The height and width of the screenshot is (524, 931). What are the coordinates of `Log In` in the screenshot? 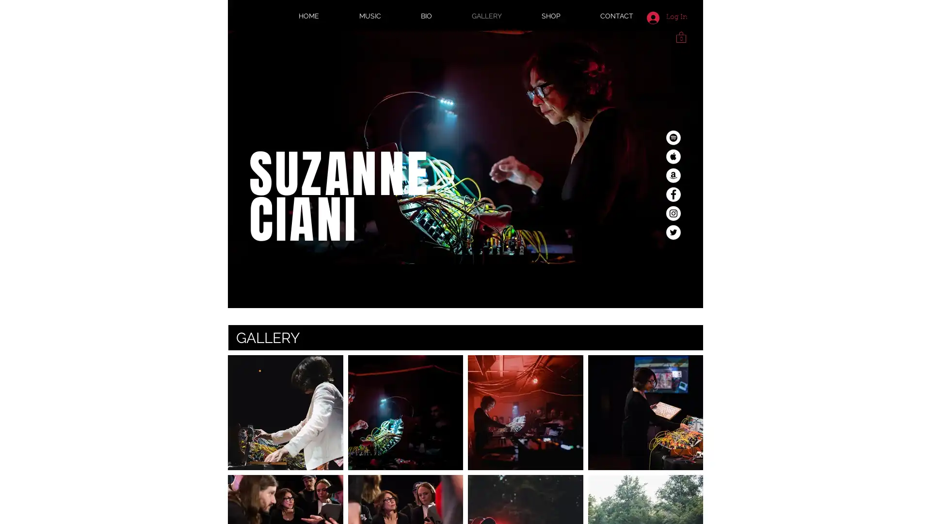 It's located at (666, 17).